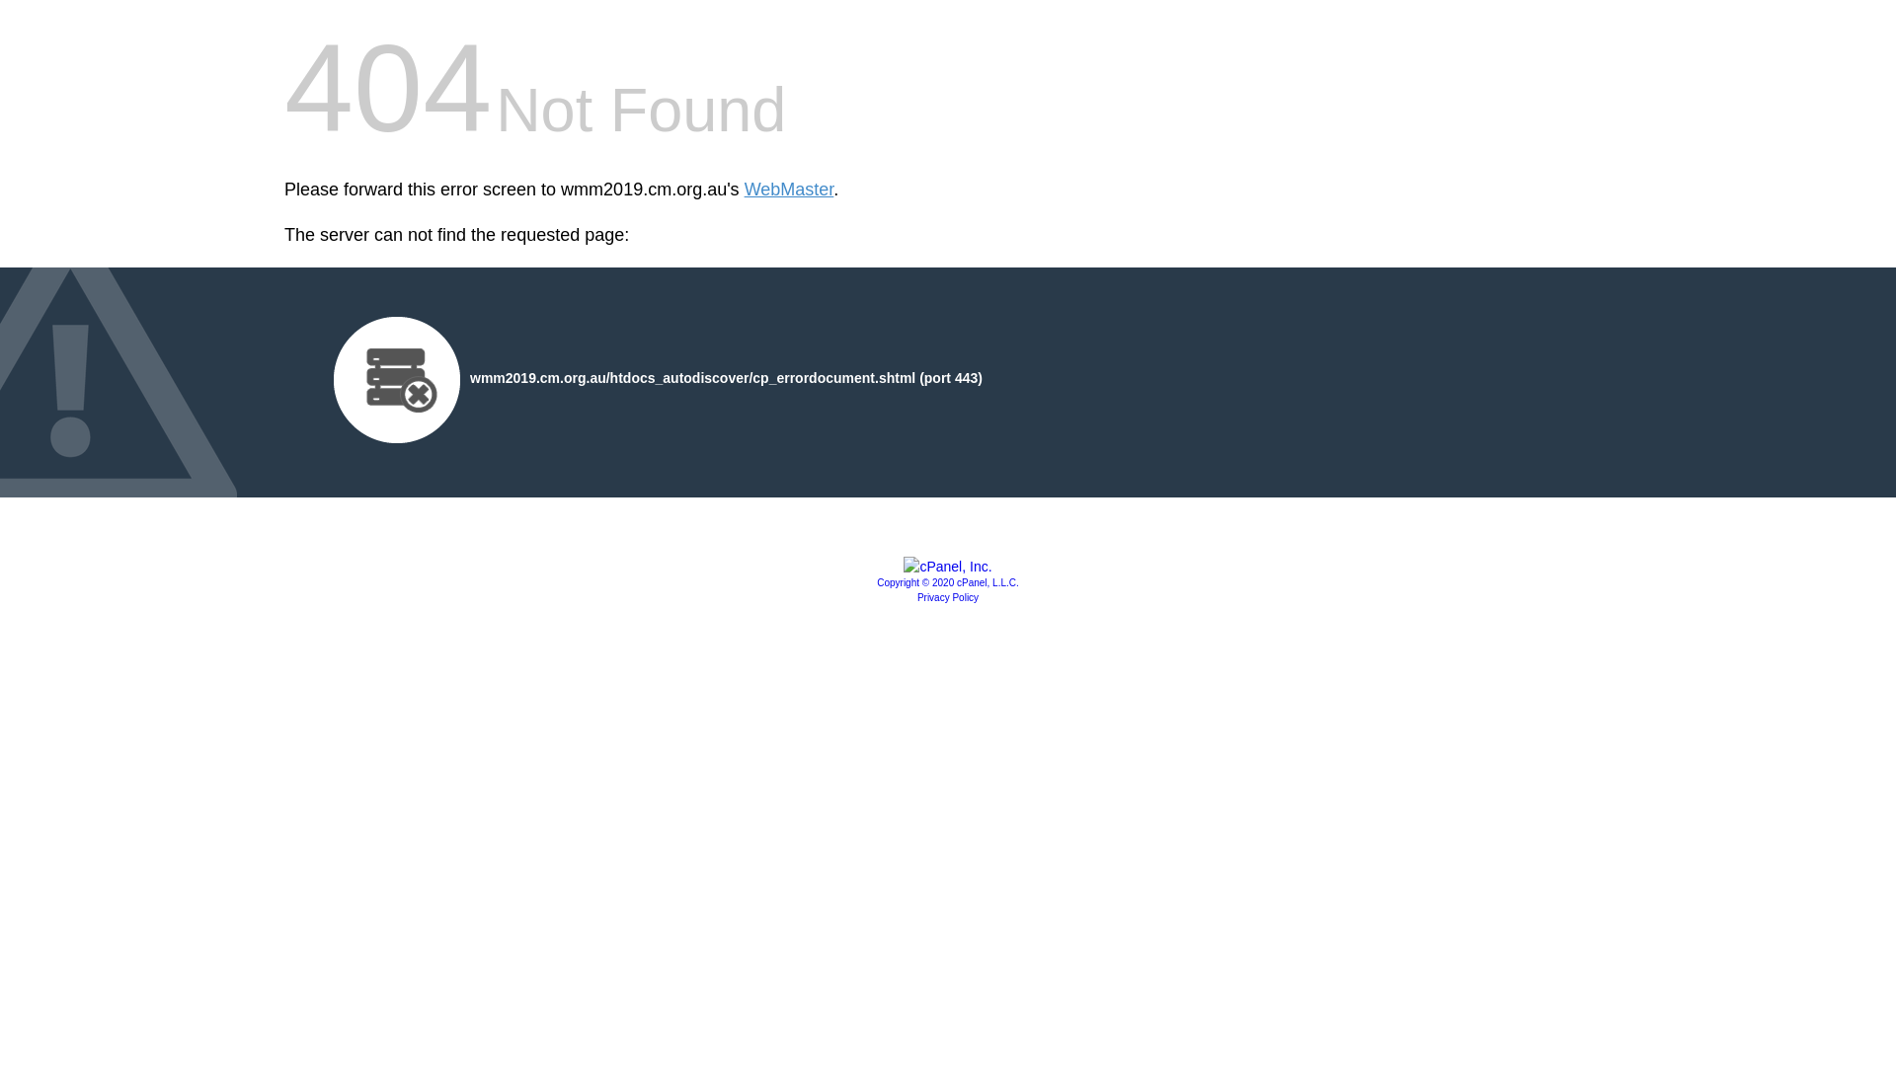  What do you see at coordinates (903, 567) in the screenshot?
I see `'cPanel, Inc.'` at bounding box center [903, 567].